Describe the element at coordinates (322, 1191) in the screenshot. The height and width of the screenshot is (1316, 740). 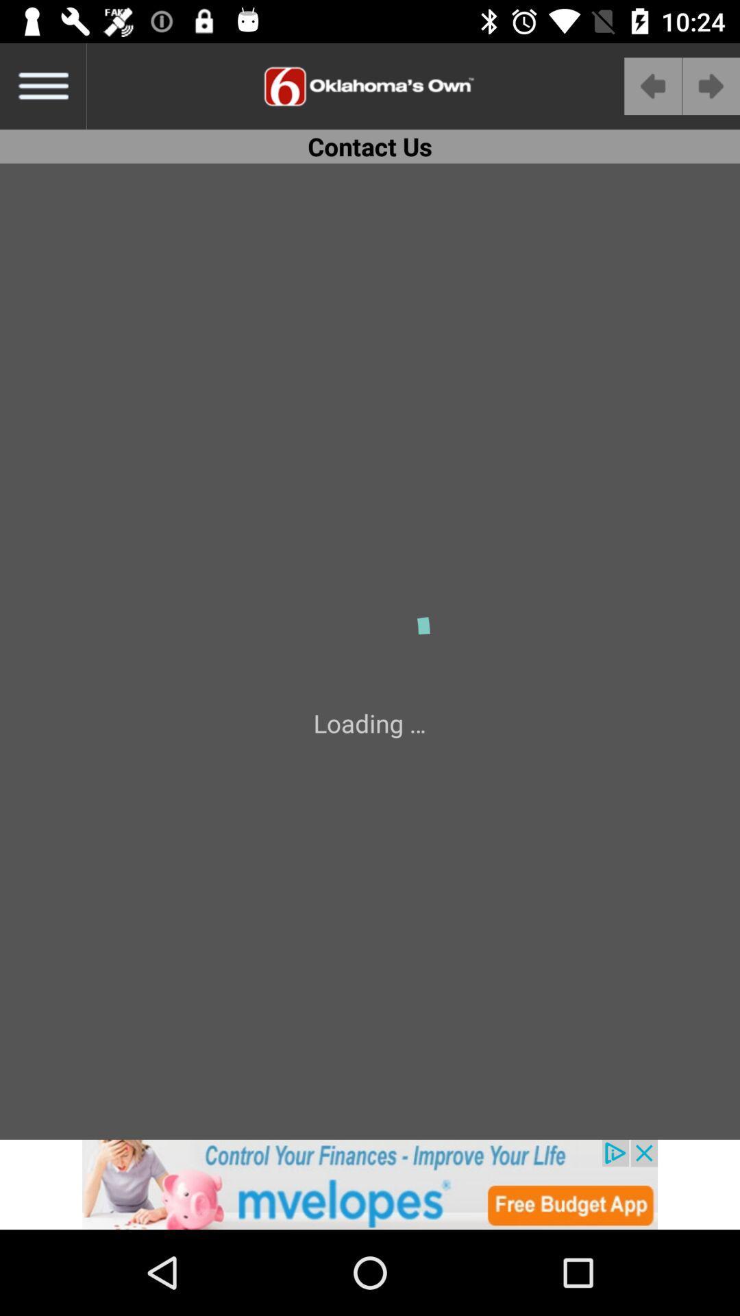
I see `the star icon` at that location.